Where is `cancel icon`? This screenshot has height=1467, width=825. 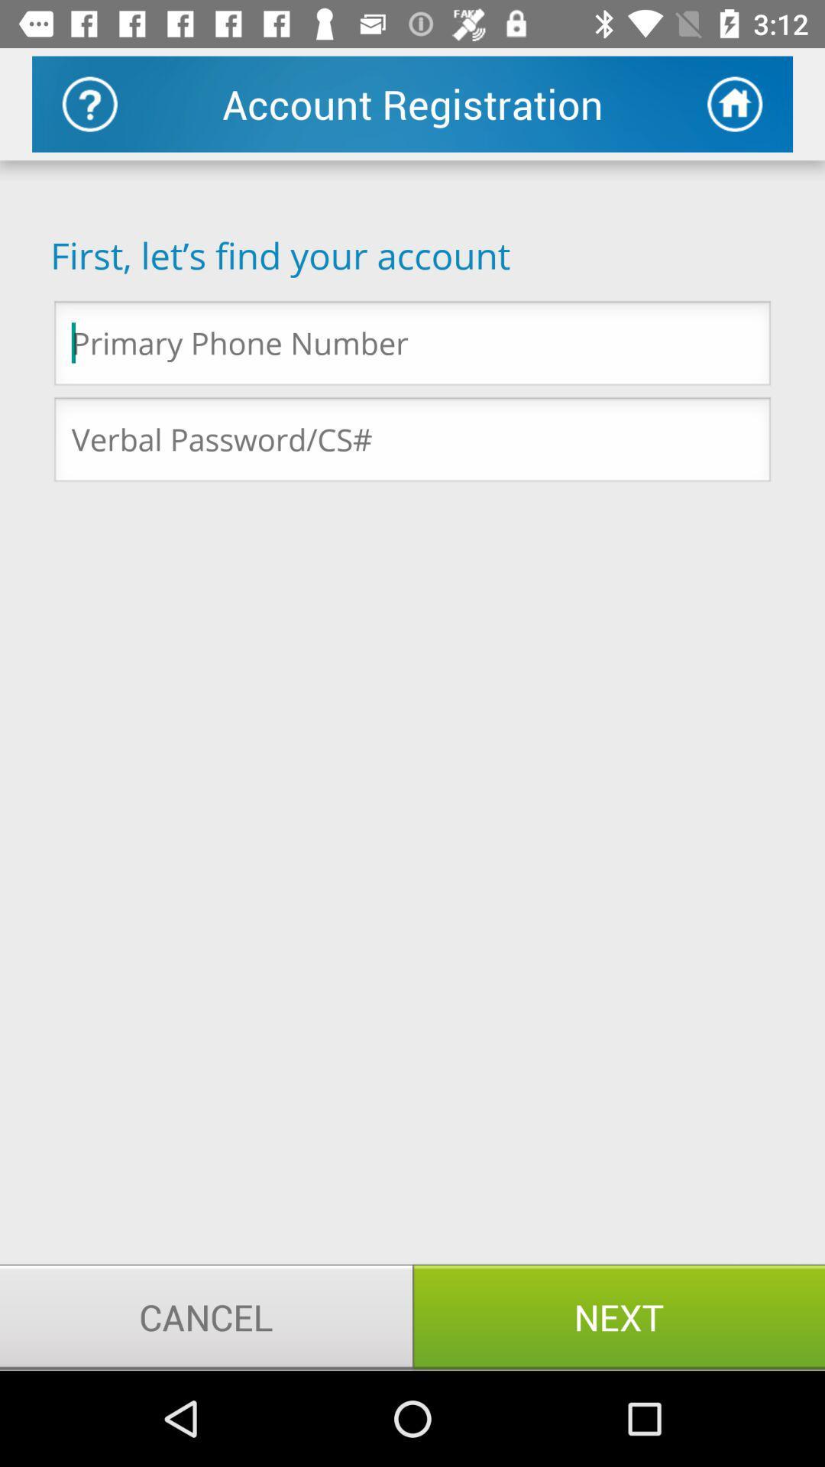 cancel icon is located at coordinates (206, 1316).